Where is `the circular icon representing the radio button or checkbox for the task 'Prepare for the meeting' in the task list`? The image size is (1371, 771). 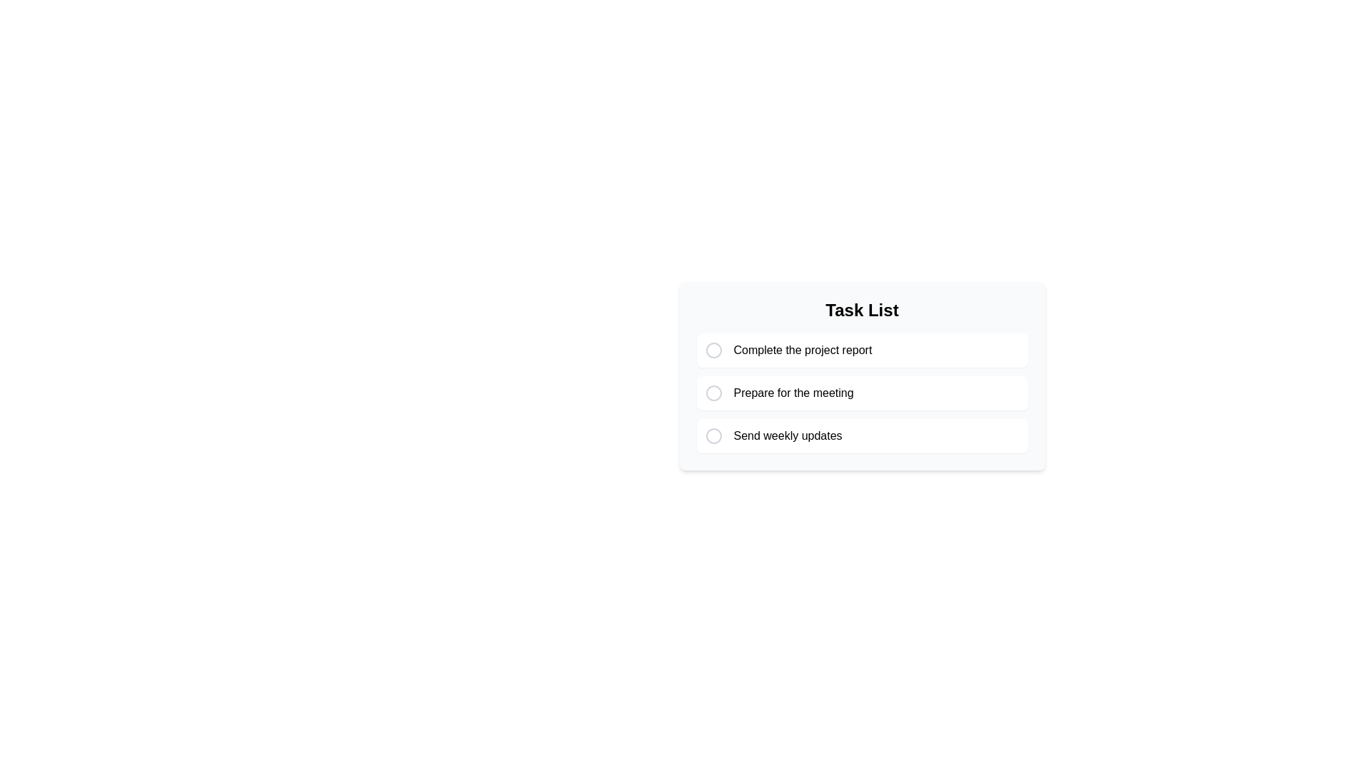
the circular icon representing the radio button or checkbox for the task 'Prepare for the meeting' in the task list is located at coordinates (713, 393).